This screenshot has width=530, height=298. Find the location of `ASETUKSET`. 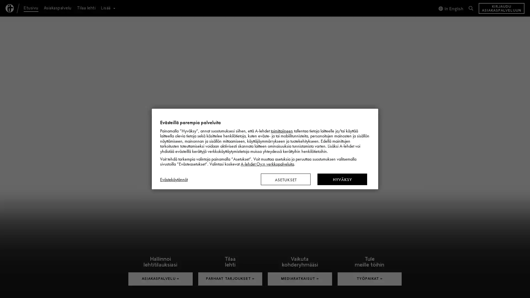

ASETUKSET is located at coordinates (286, 179).